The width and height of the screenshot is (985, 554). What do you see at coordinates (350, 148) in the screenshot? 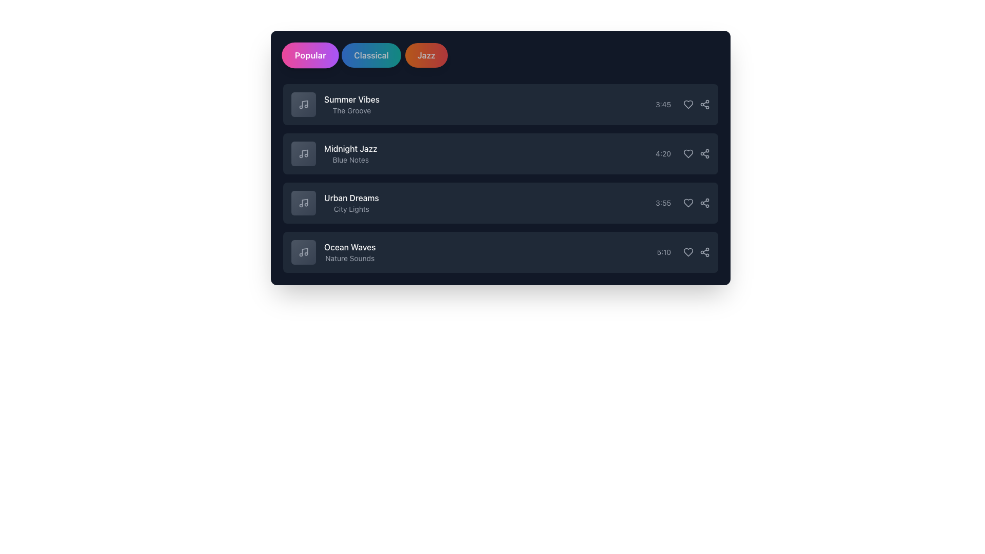
I see `the title text element representing a track or playlist to focus on it` at bounding box center [350, 148].